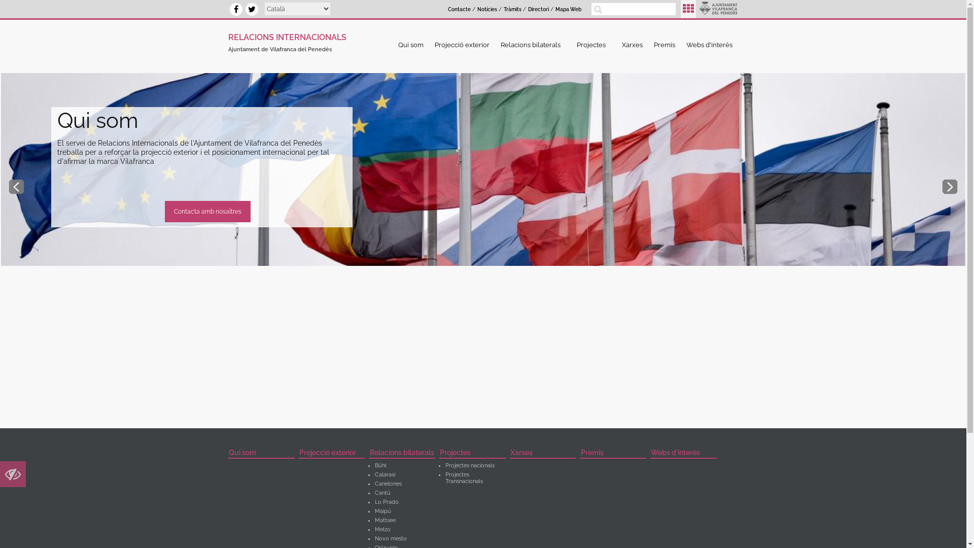 This screenshot has width=974, height=548. I want to click on 'Melzo', so click(382, 529).